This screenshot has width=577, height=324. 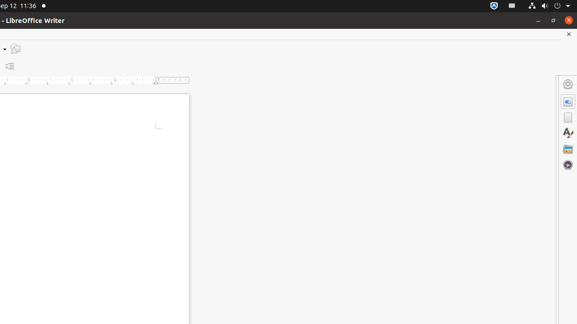 I want to click on 'Styles', so click(x=568, y=133).